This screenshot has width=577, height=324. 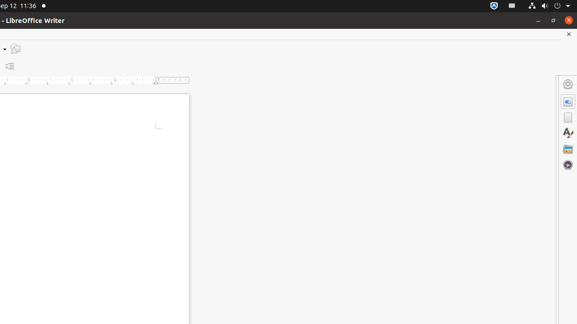 I want to click on 'Styles', so click(x=568, y=133).